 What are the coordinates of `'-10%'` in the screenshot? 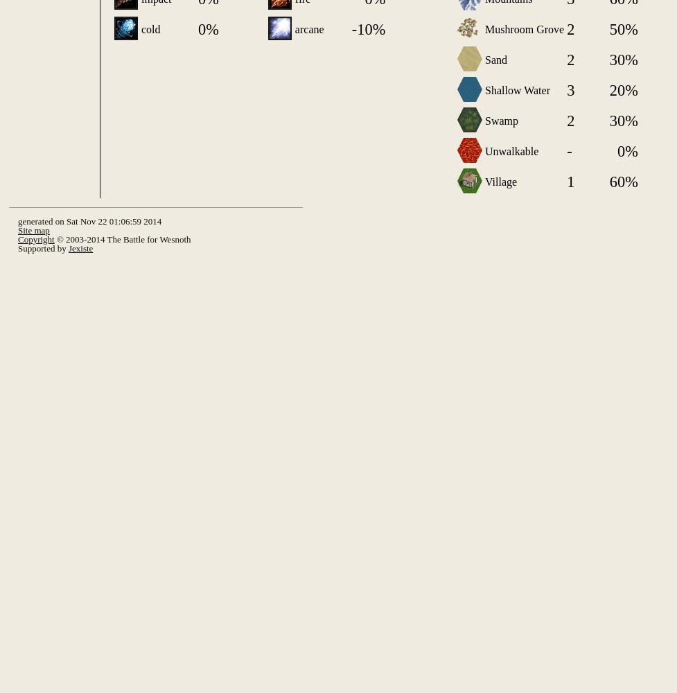 It's located at (367, 29).